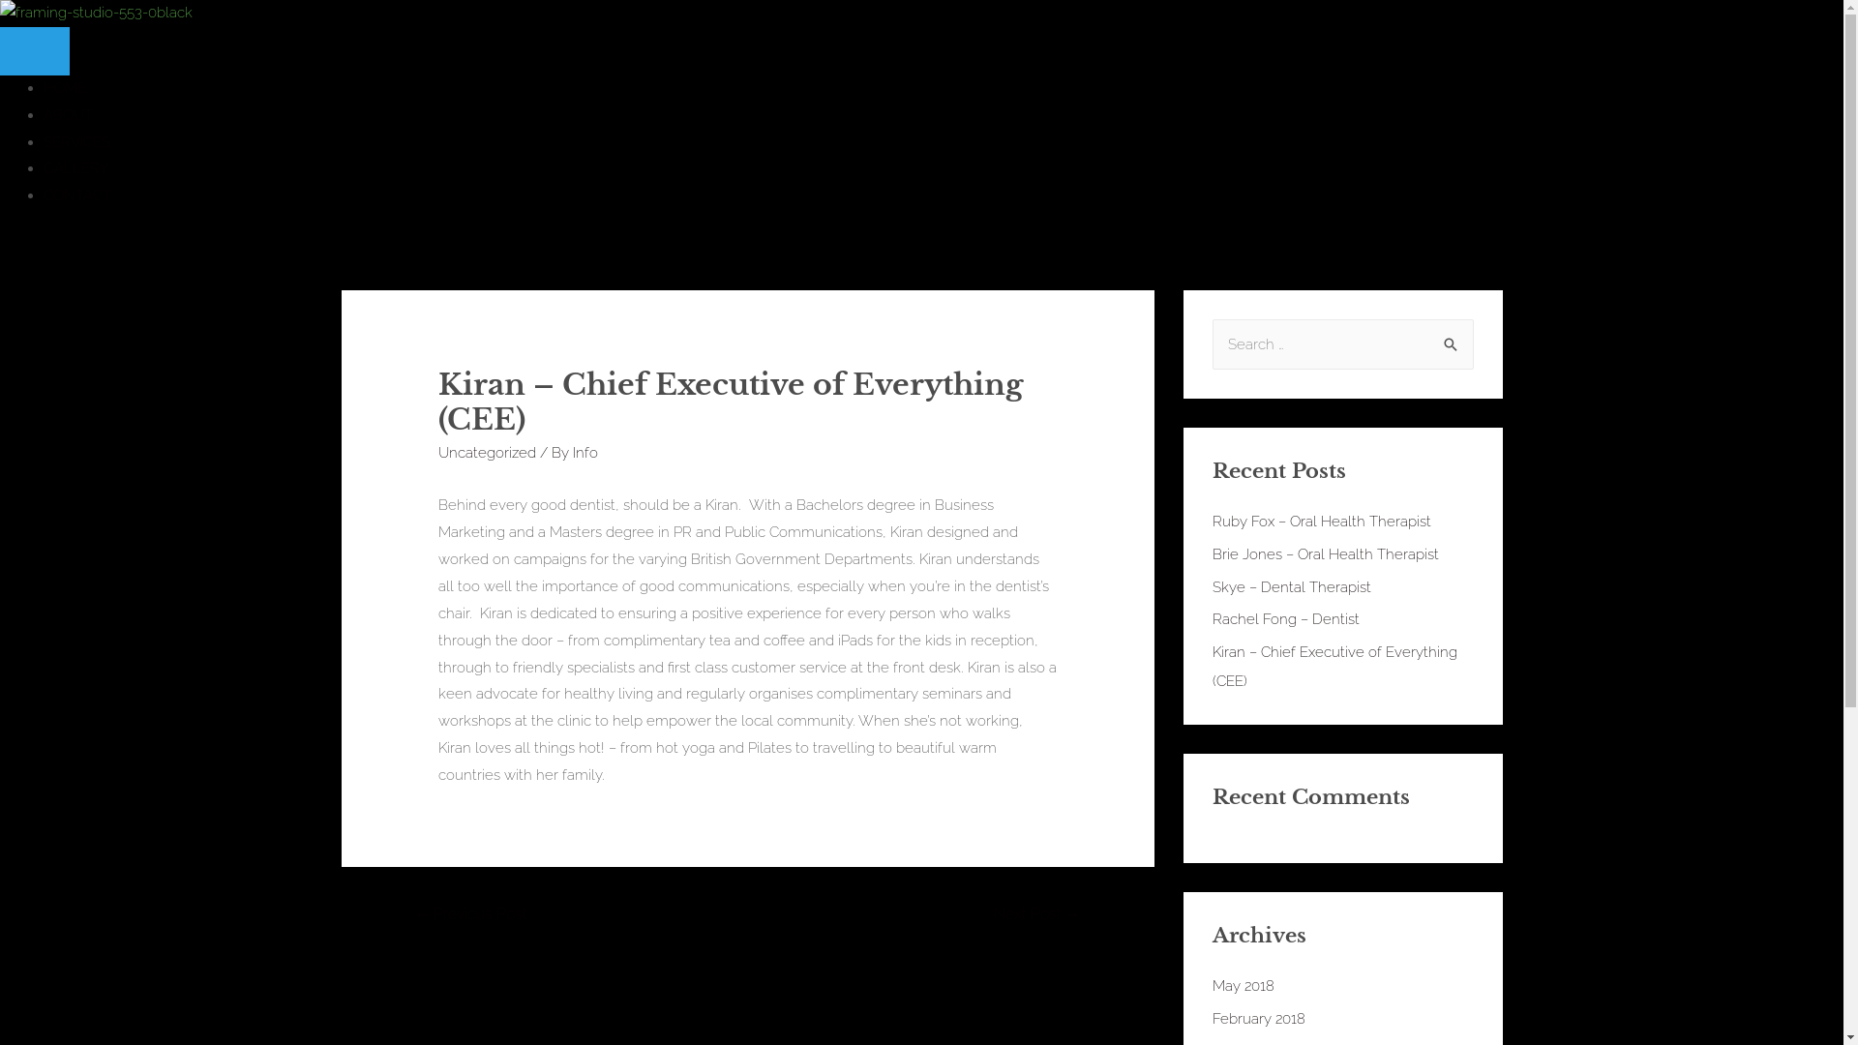 The image size is (1858, 1045). I want to click on 'May 2018', so click(1211, 985).